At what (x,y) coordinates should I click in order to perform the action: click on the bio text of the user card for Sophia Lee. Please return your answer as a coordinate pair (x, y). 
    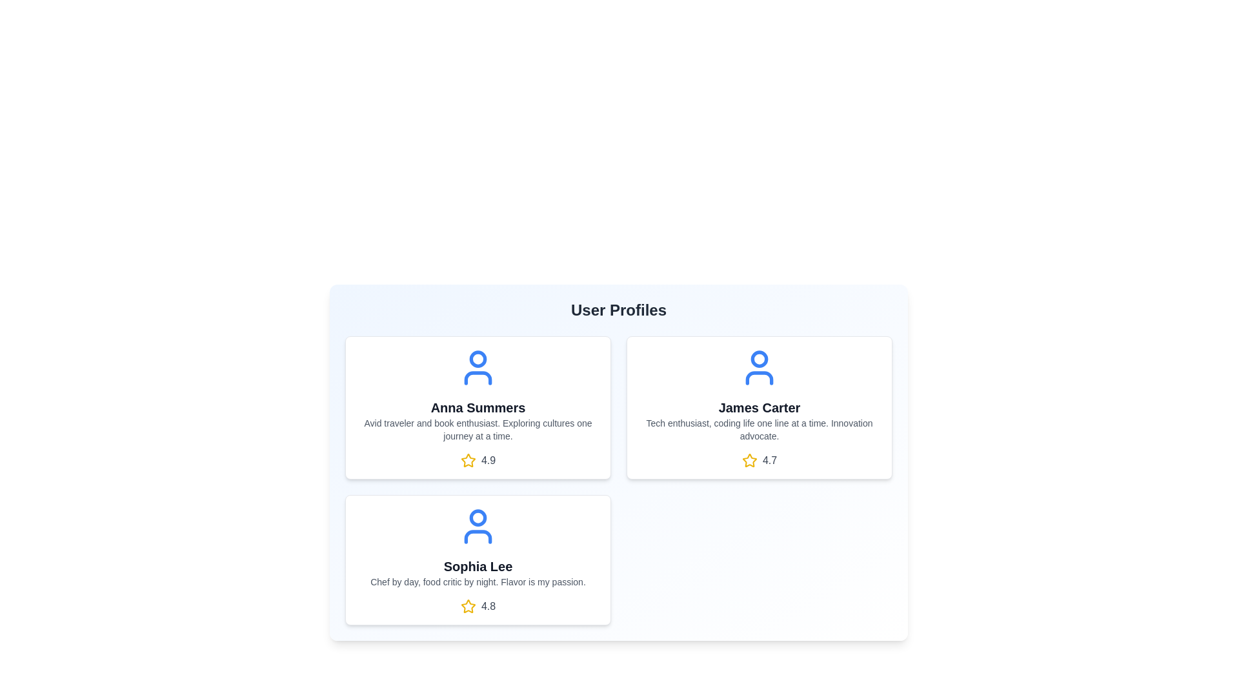
    Looking at the image, I should click on (477, 582).